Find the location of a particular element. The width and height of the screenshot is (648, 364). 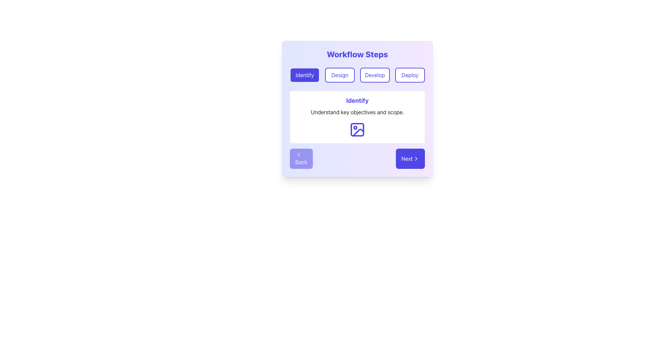

the right-pointing chevron icon within the 'Next' button in the bottom-right corner of the workflow step card is located at coordinates (416, 158).